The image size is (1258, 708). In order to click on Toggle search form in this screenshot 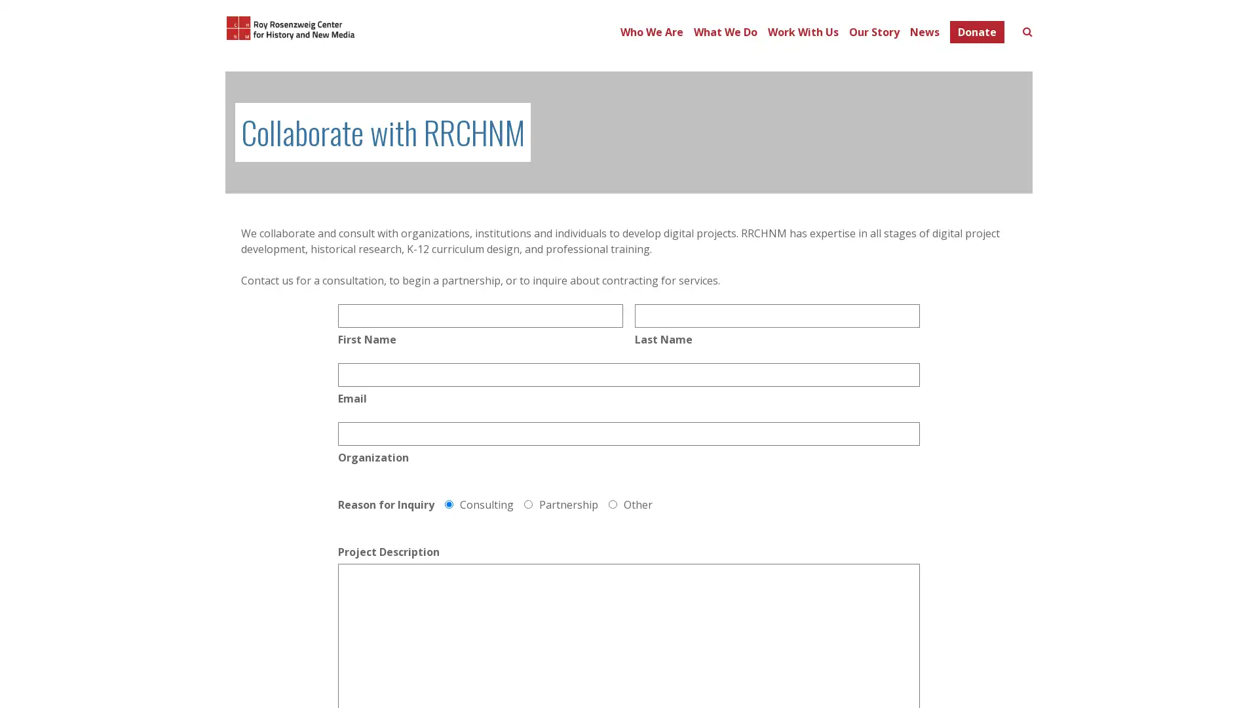, I will do `click(1027, 31)`.